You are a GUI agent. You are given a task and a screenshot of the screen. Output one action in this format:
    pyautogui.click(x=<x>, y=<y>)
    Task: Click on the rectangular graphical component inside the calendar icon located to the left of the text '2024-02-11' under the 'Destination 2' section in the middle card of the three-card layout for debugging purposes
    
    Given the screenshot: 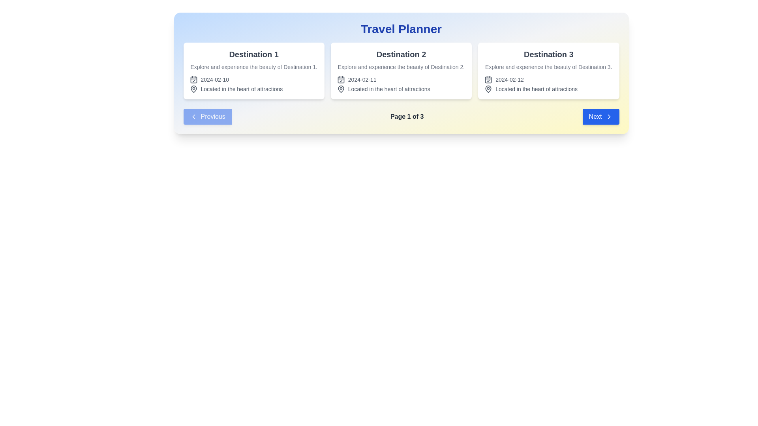 What is the action you would take?
    pyautogui.click(x=341, y=80)
    